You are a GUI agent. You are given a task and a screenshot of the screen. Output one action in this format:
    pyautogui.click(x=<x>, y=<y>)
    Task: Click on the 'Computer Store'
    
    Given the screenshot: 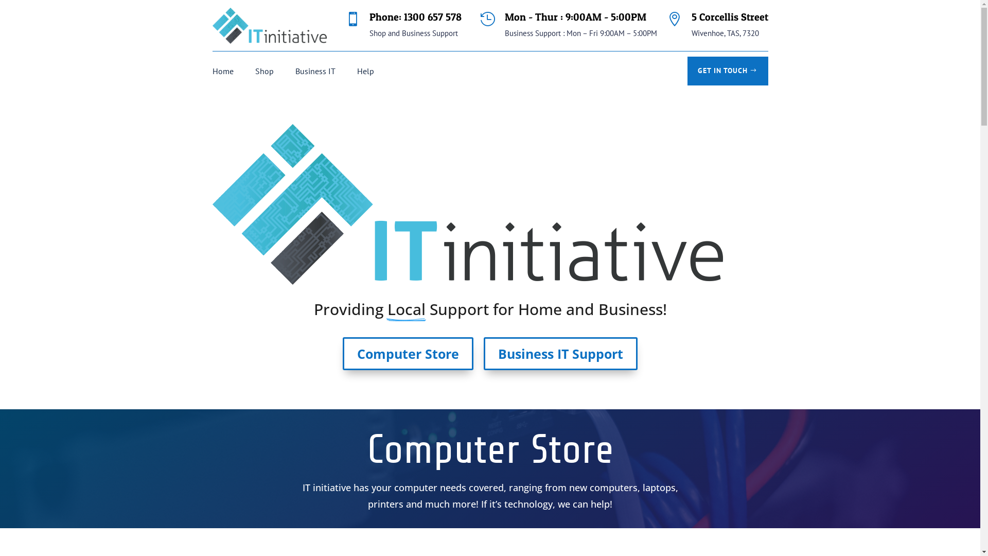 What is the action you would take?
    pyautogui.click(x=407, y=353)
    